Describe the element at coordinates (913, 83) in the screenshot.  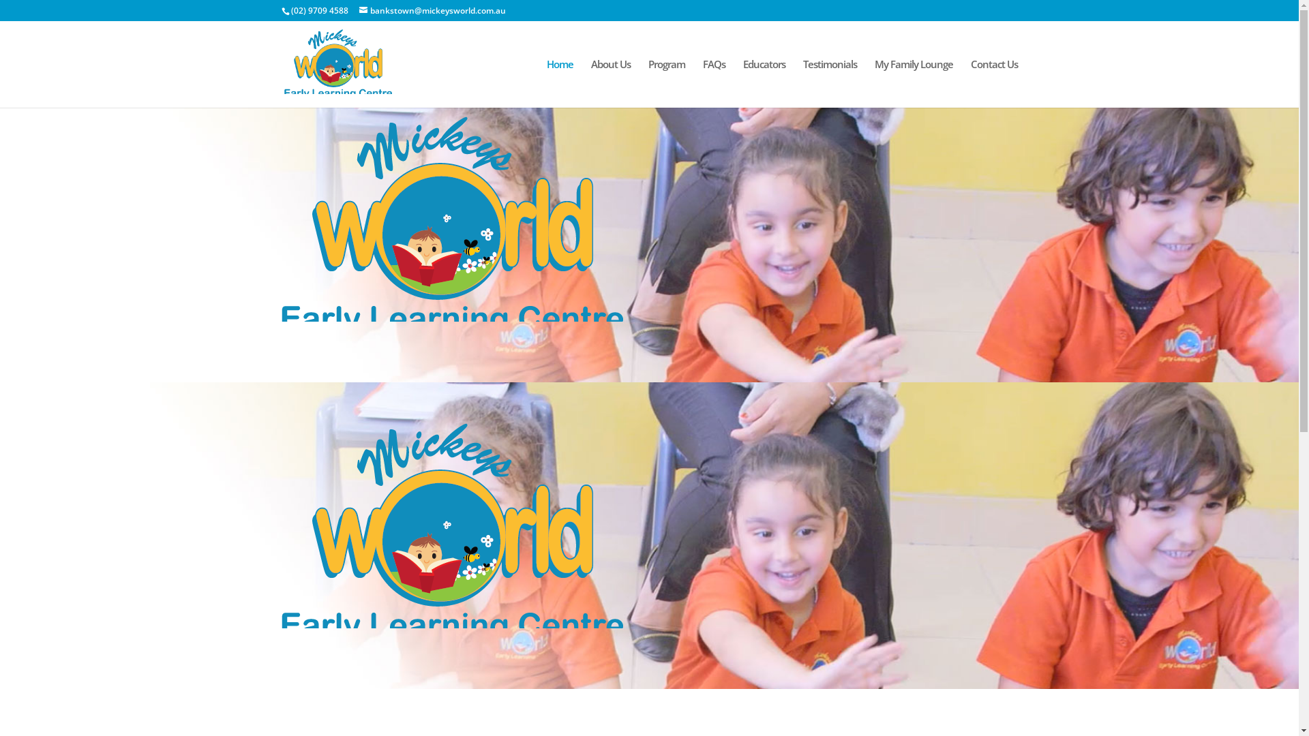
I see `'My Family Lounge'` at that location.